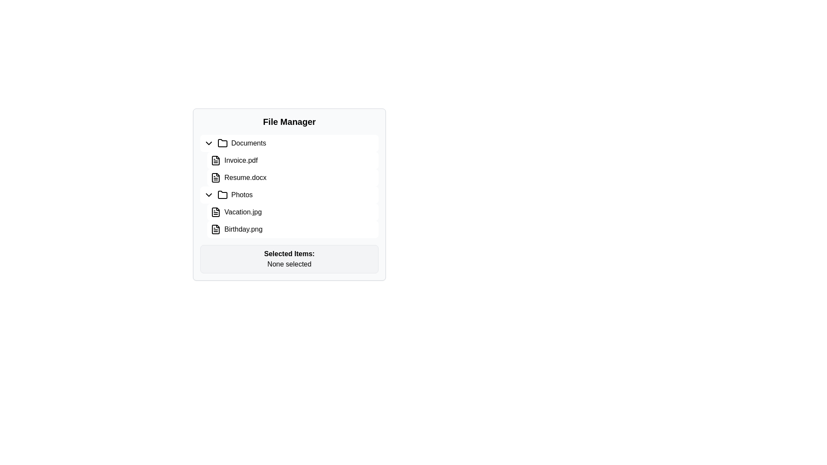 Image resolution: width=827 pixels, height=465 pixels. What do you see at coordinates (289, 258) in the screenshot?
I see `the informational text box that displays the user's selected item status, which currently shows that no items are selected` at bounding box center [289, 258].